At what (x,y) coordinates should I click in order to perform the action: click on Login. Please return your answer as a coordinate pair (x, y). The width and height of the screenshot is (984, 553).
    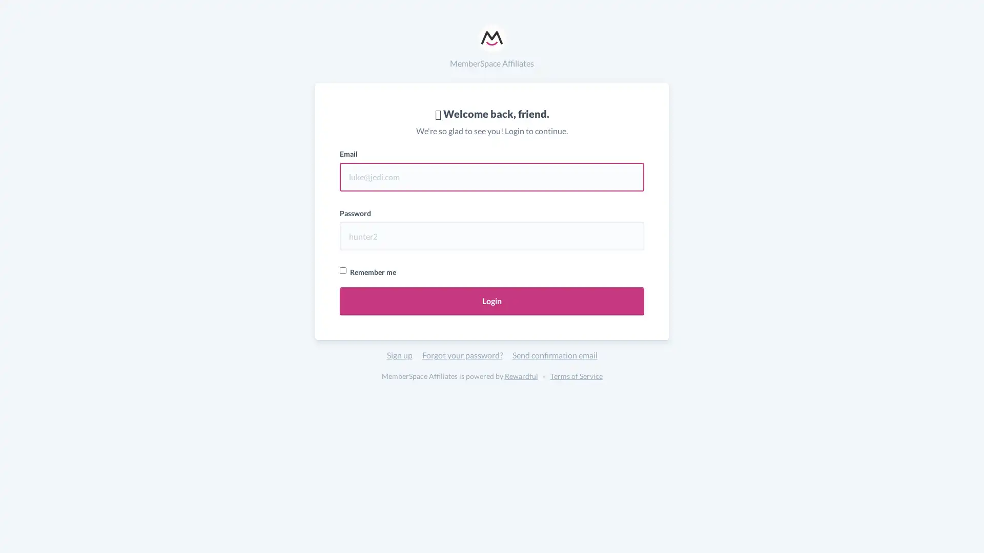
    Looking at the image, I should click on (492, 301).